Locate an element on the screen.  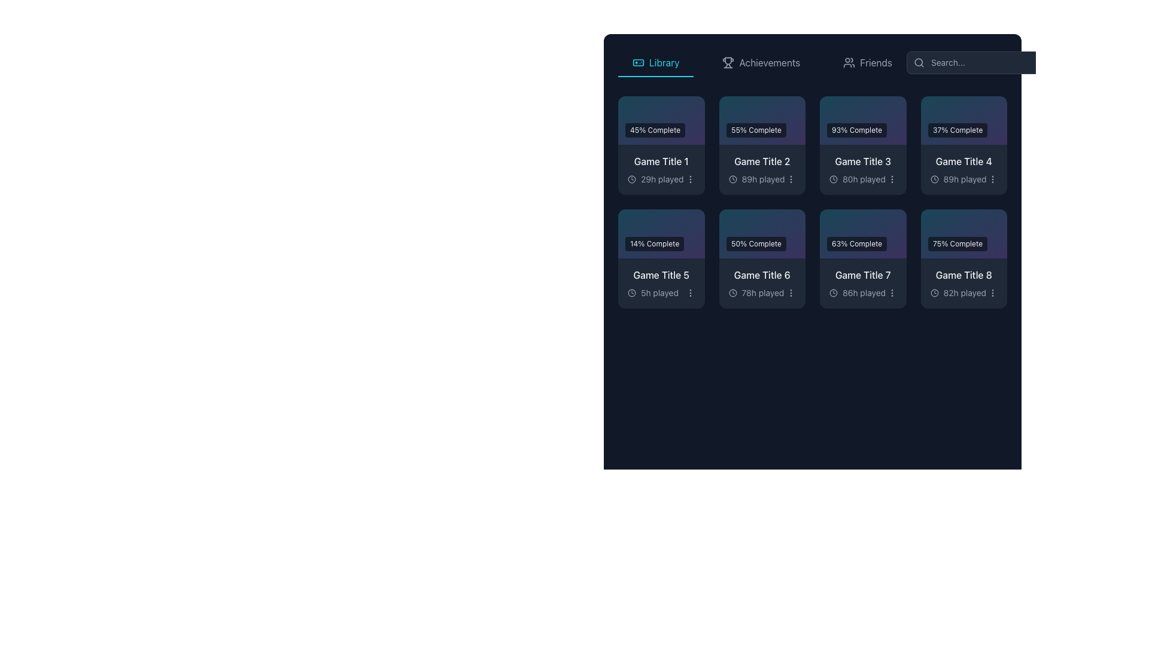
the text label displaying '29h played' with the associated clock icon, located within the information panel of 'Game Title 1' is located at coordinates (661, 179).